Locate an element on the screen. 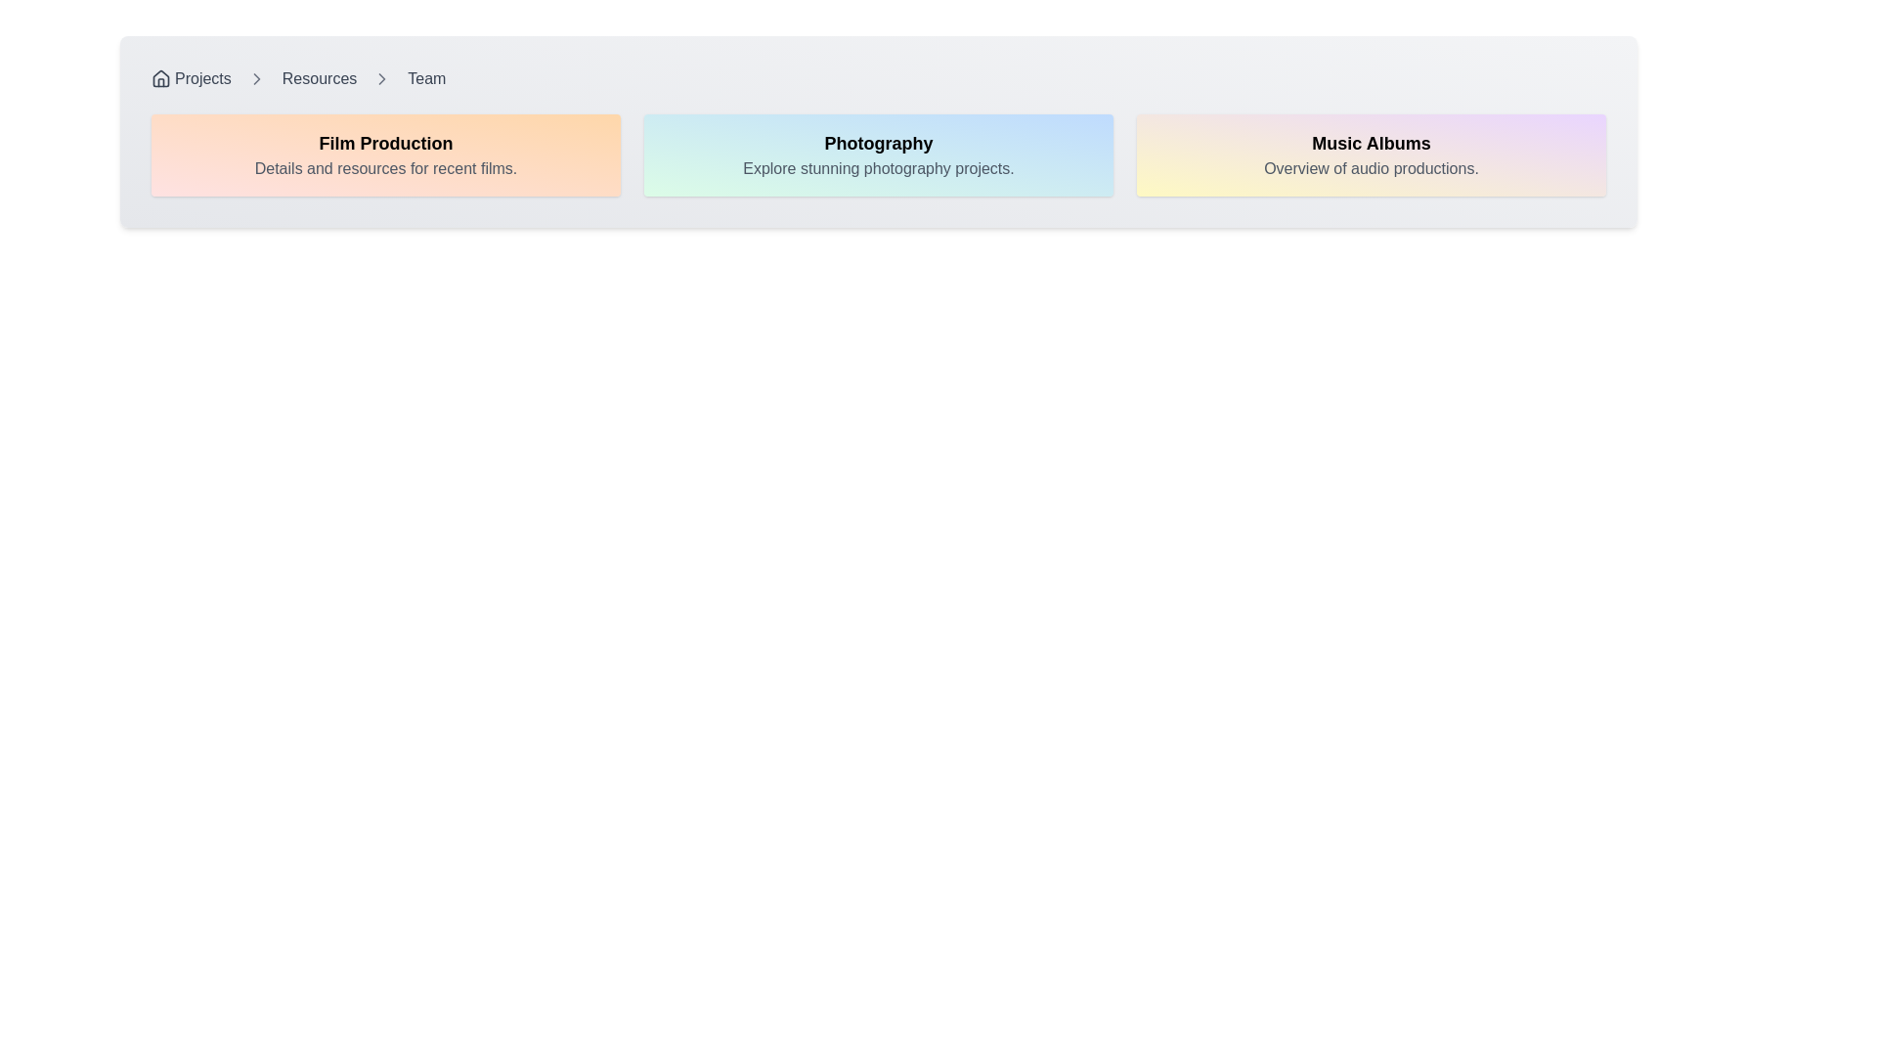 The image size is (1877, 1056). the bold text label 'Film Production' located at the top center of the first rectangular card is located at coordinates (385, 142).